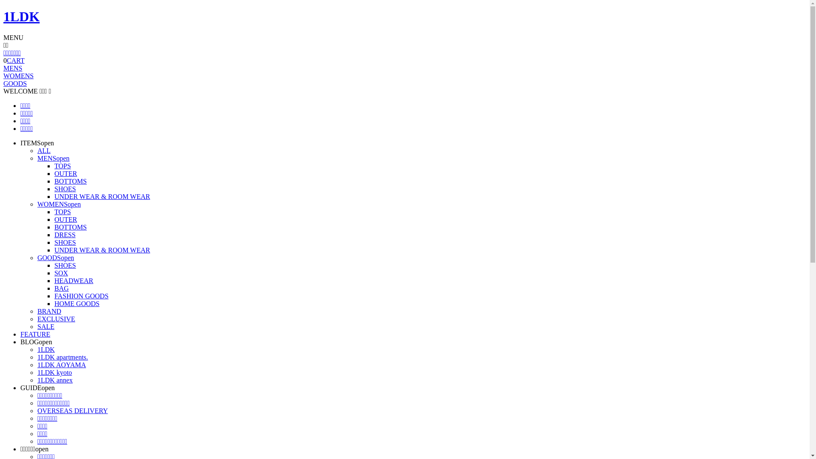 This screenshot has width=816, height=459. What do you see at coordinates (37, 357) in the screenshot?
I see `'1LDK apartments.'` at bounding box center [37, 357].